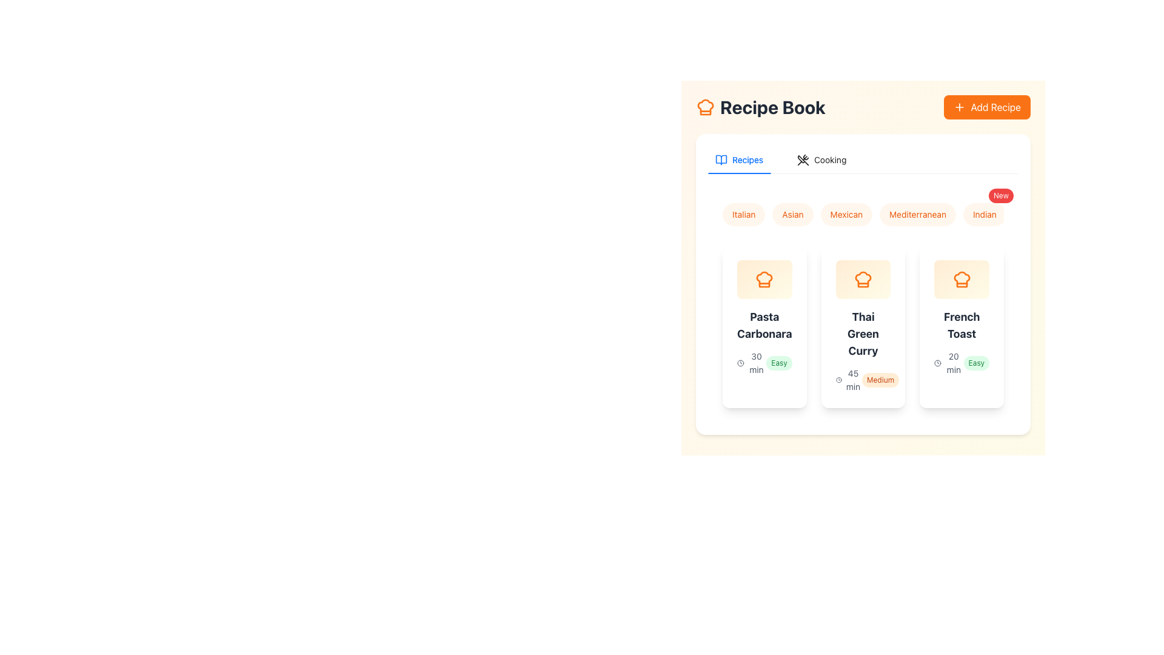  I want to click on the text label displaying '20 min' in dark gray, which is part of the recipe card for 'French Toast' located near the clock icon, so click(953, 362).